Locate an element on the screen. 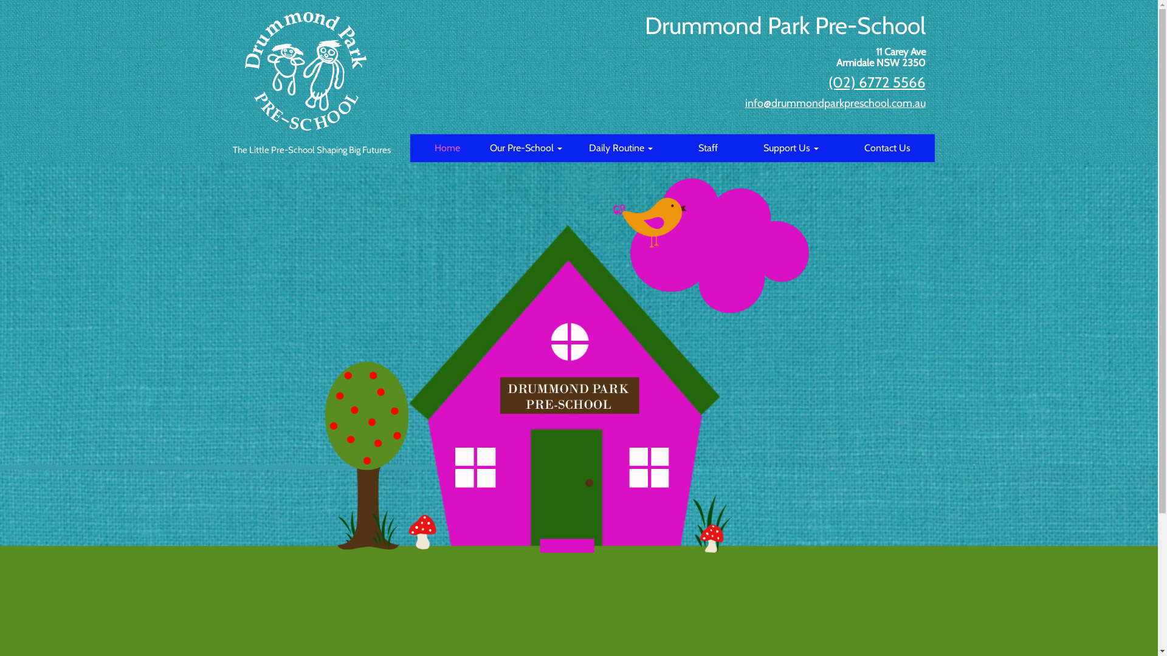 The height and width of the screenshot is (656, 1167). 'Support Us ' is located at coordinates (791, 147).